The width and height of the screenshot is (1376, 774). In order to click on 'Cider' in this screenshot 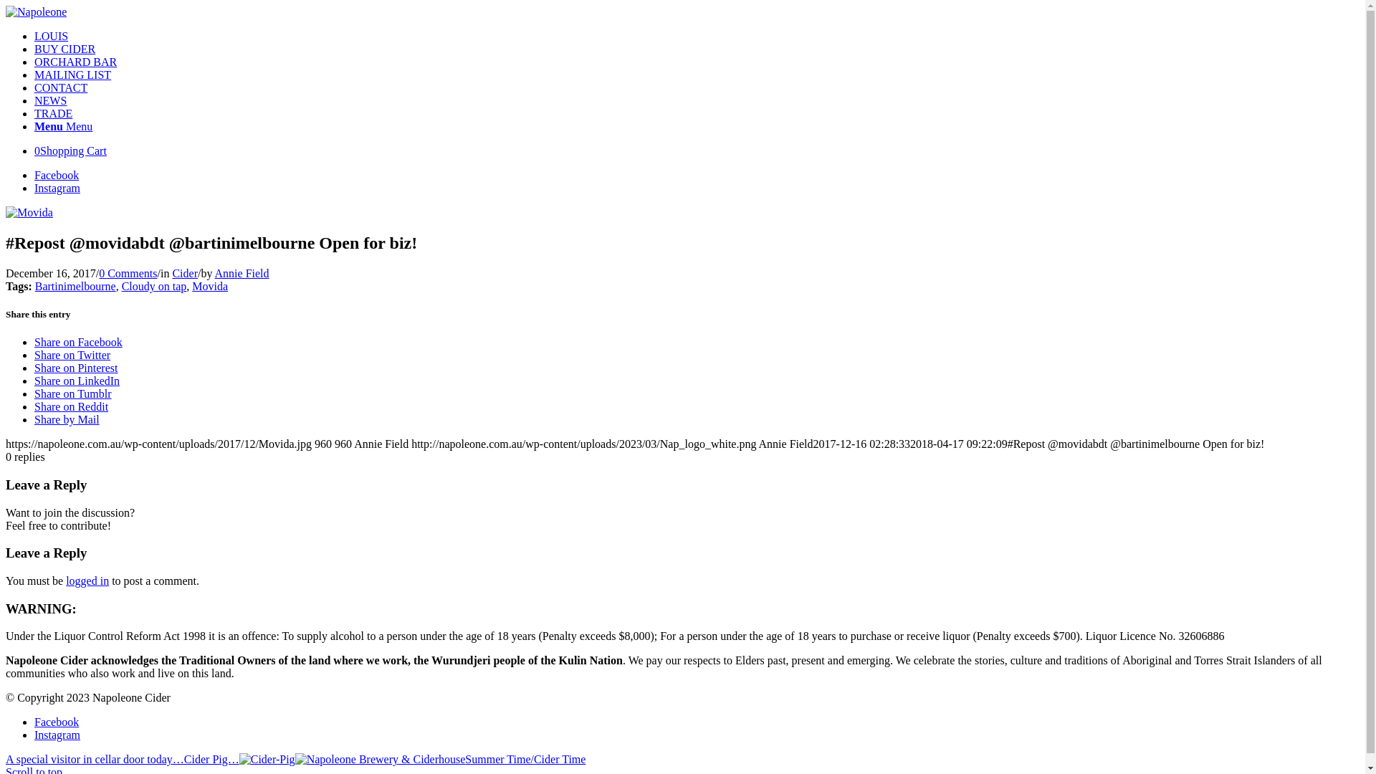, I will do `click(184, 273)`.